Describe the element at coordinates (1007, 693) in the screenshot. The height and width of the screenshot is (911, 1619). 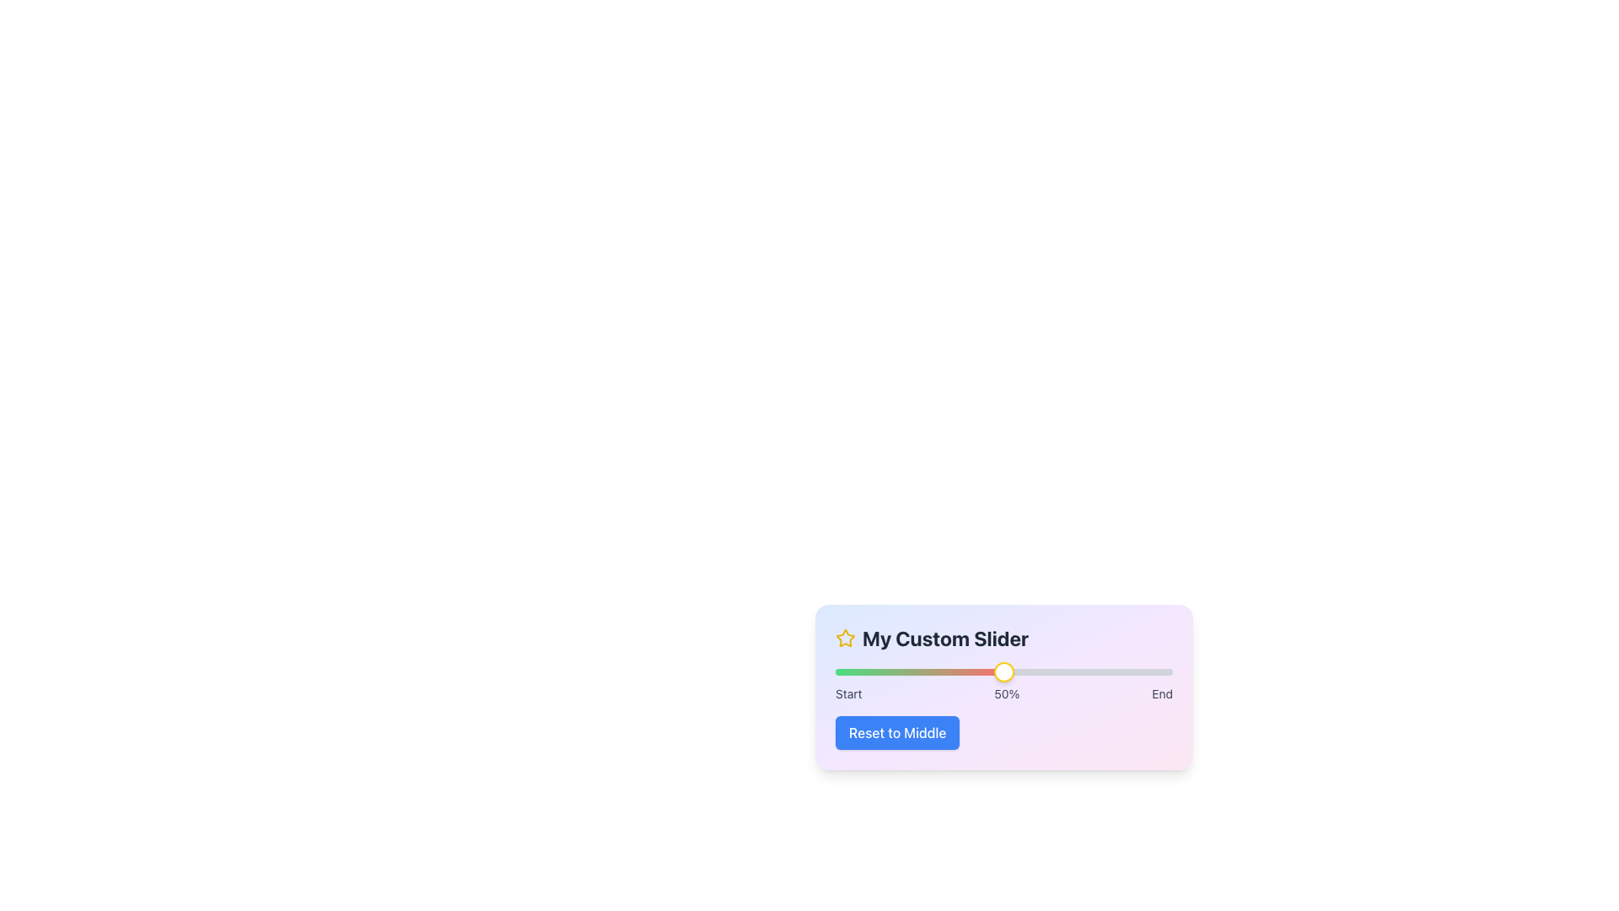
I see `the static text label displaying '50%' which is centrally located between the 'Start' and 'End' labels near the slider interface` at that location.